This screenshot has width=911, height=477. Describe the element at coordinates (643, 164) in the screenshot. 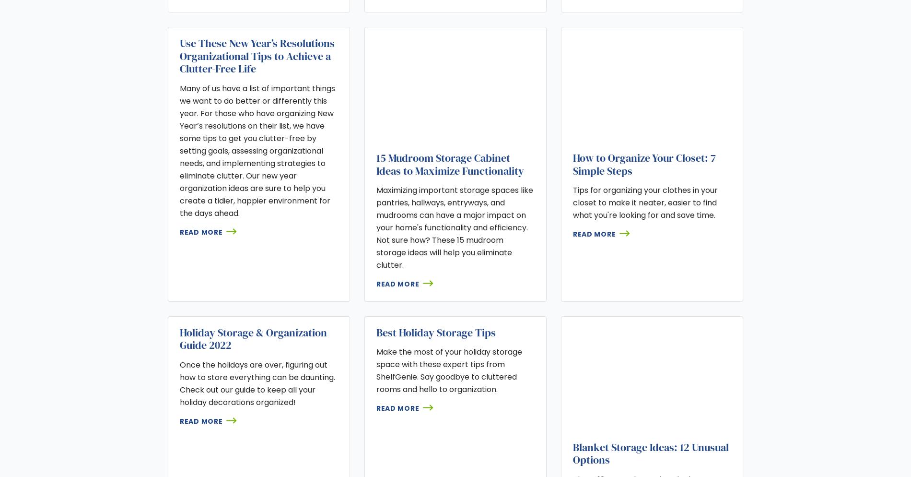

I see `'How to Organize Your Closet: 7 Simple Steps'` at that location.